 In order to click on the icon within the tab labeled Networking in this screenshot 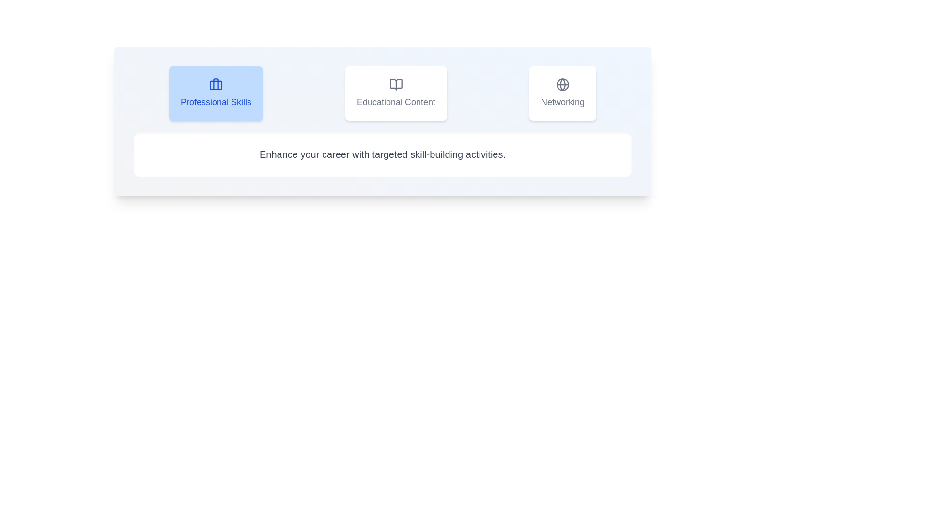, I will do `click(562, 93)`.